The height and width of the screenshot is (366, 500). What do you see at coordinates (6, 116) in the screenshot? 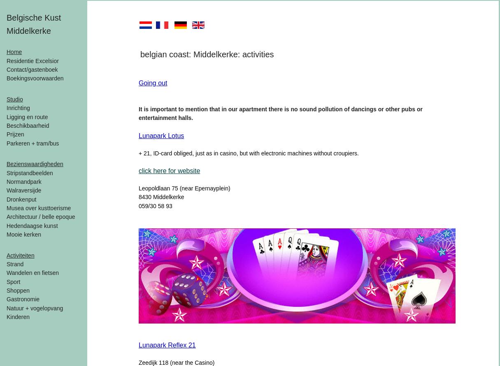
I see `'Ligging en route'` at bounding box center [6, 116].